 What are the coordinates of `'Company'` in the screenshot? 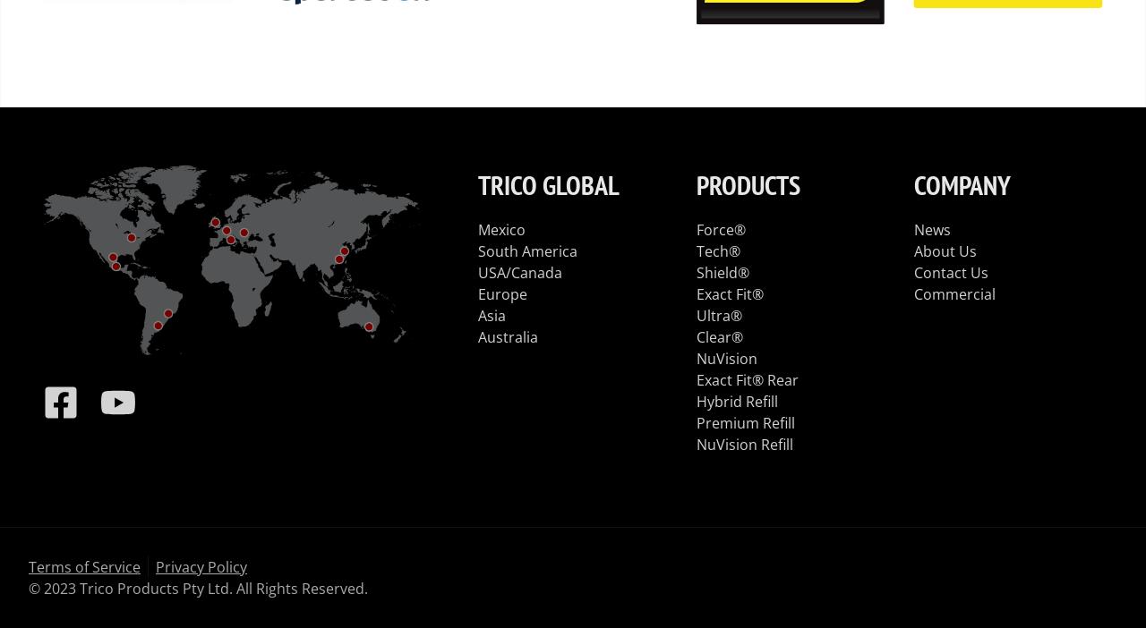 It's located at (961, 183).